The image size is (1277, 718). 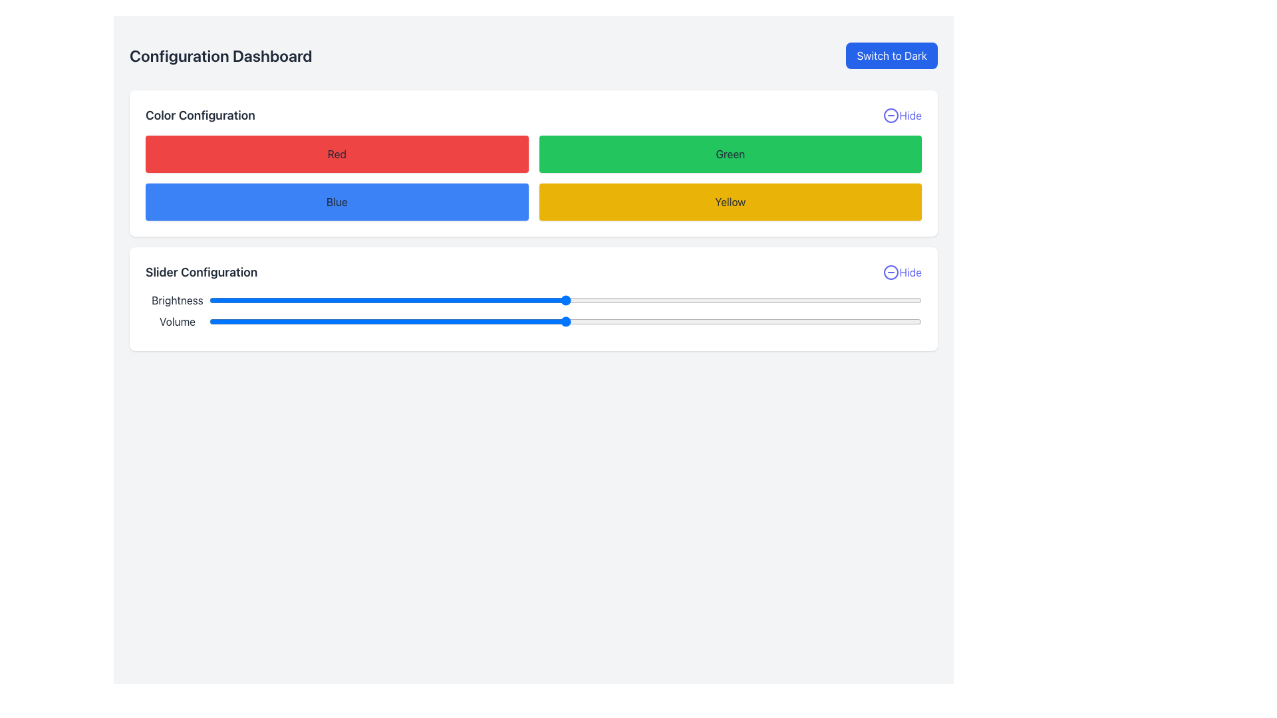 I want to click on volume, so click(x=914, y=321).